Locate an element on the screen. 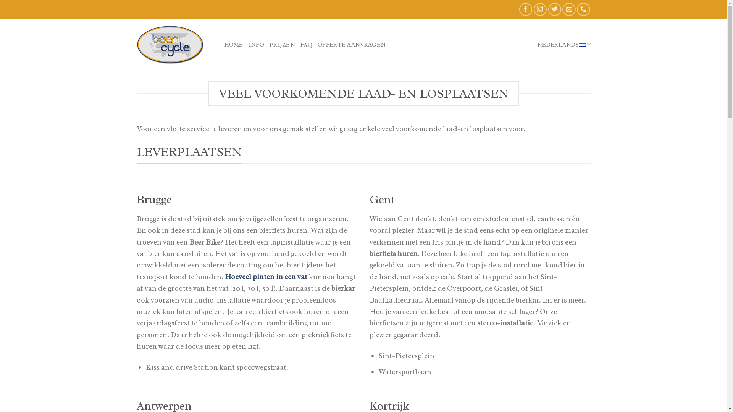 The image size is (733, 412). 'Bel ons' is located at coordinates (577, 10).